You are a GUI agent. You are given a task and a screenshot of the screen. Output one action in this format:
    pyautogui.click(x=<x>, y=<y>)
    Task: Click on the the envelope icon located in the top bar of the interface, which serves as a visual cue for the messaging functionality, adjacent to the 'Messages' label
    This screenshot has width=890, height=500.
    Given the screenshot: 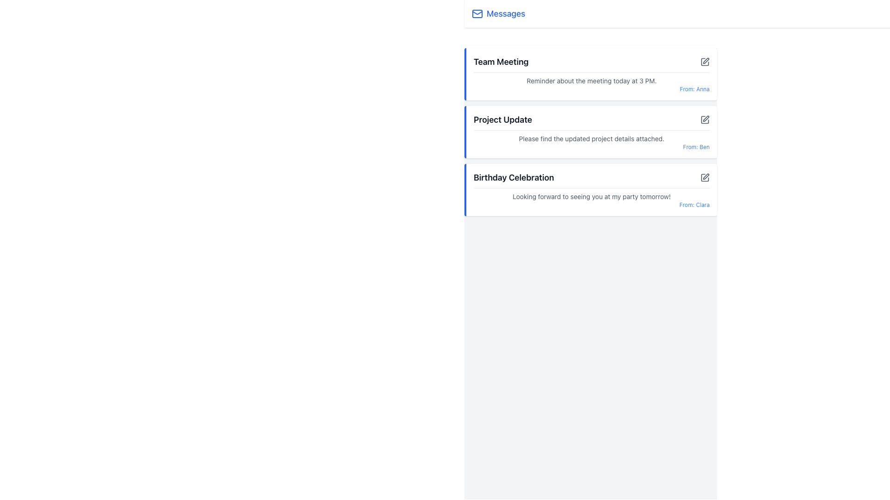 What is the action you would take?
    pyautogui.click(x=477, y=14)
    